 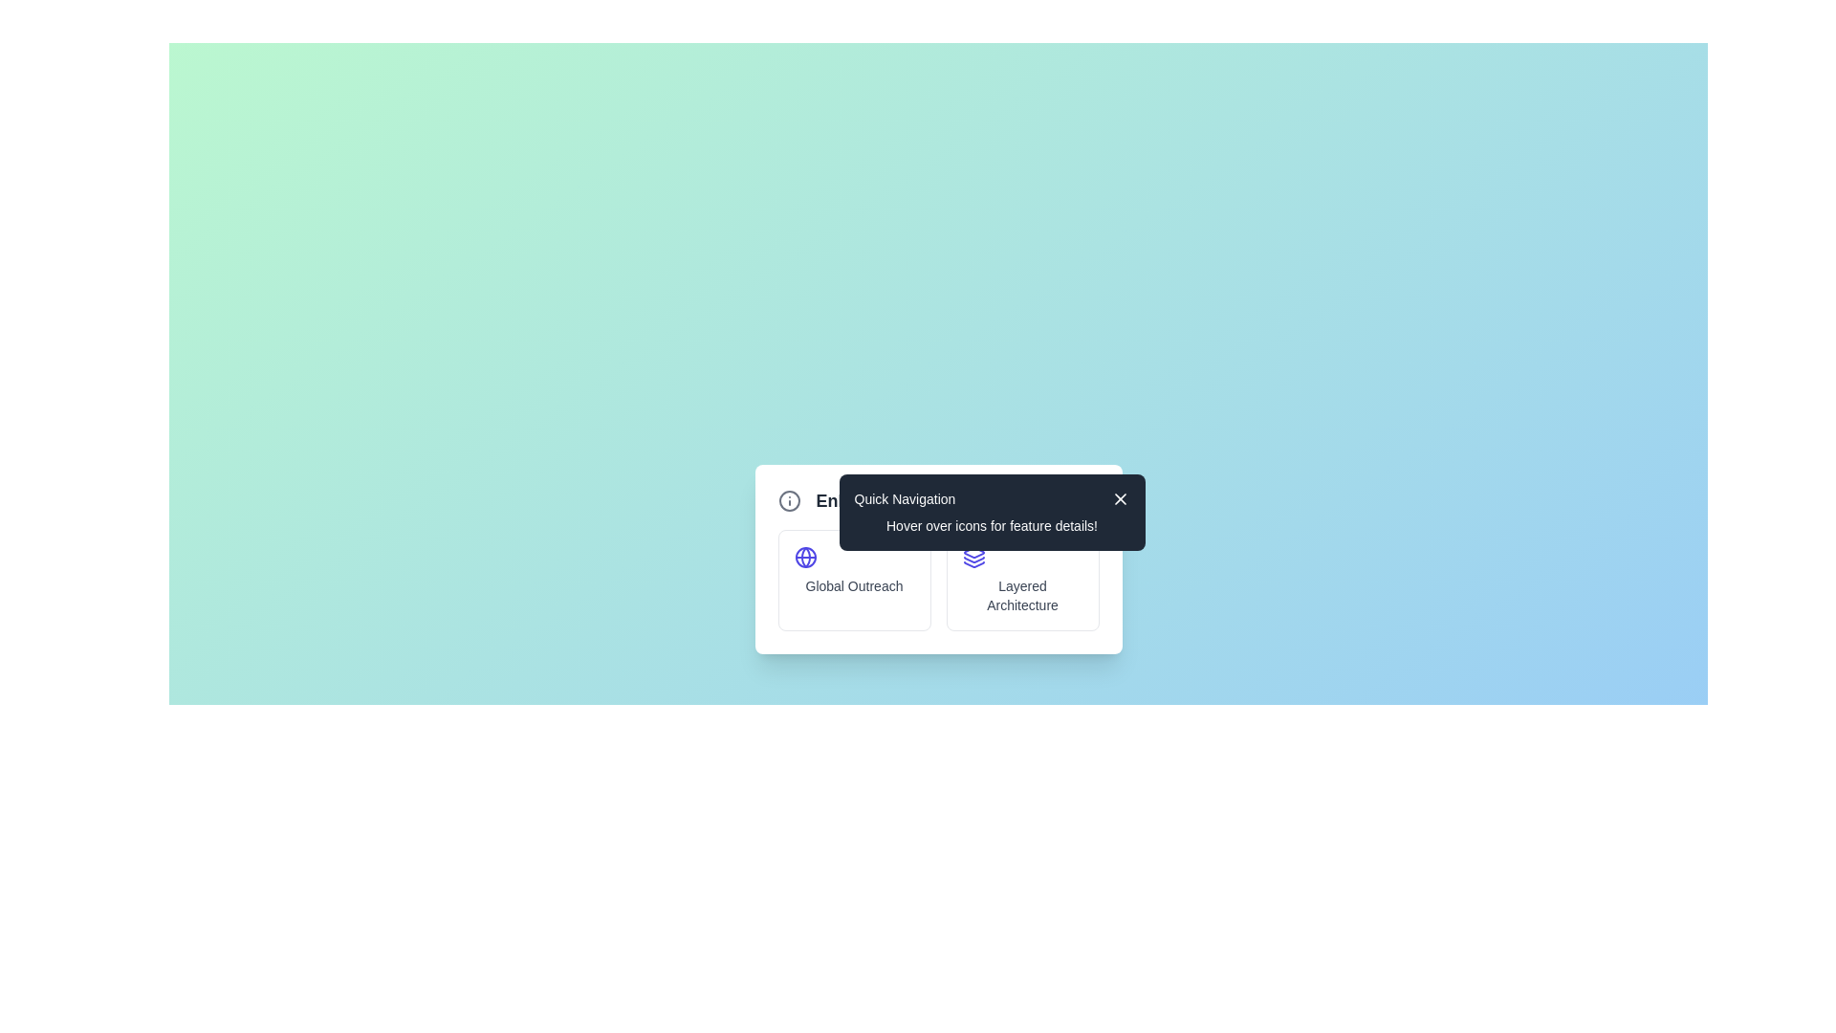 What do you see at coordinates (992, 526) in the screenshot?
I see `the static label providing guidance in the 'Quick Navigation' pop-up box, located below the title` at bounding box center [992, 526].